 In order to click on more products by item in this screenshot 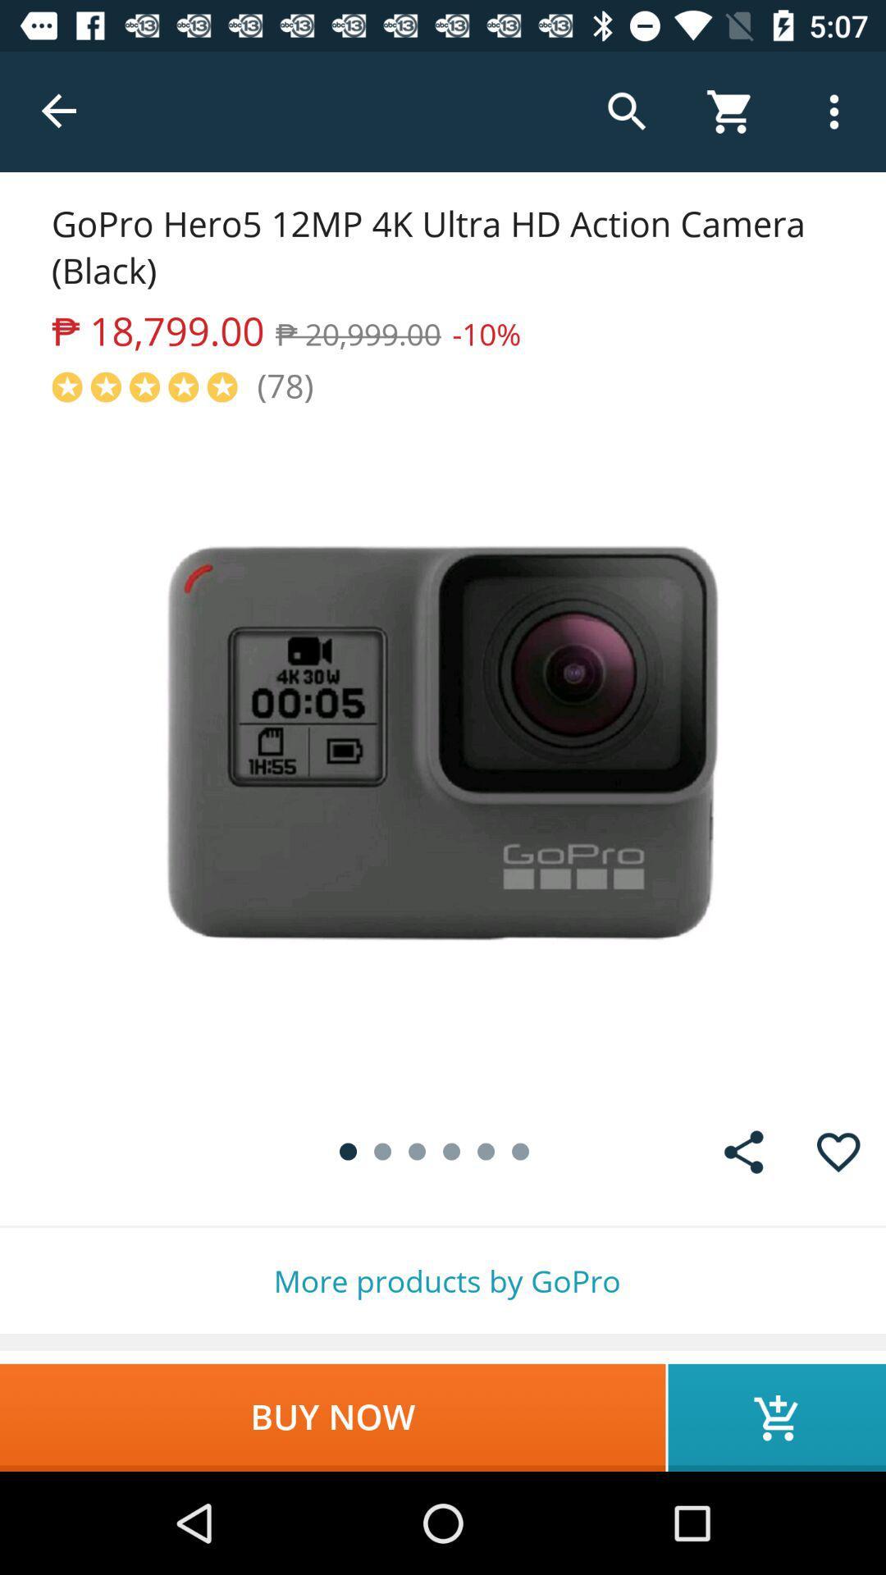, I will do `click(443, 1280)`.